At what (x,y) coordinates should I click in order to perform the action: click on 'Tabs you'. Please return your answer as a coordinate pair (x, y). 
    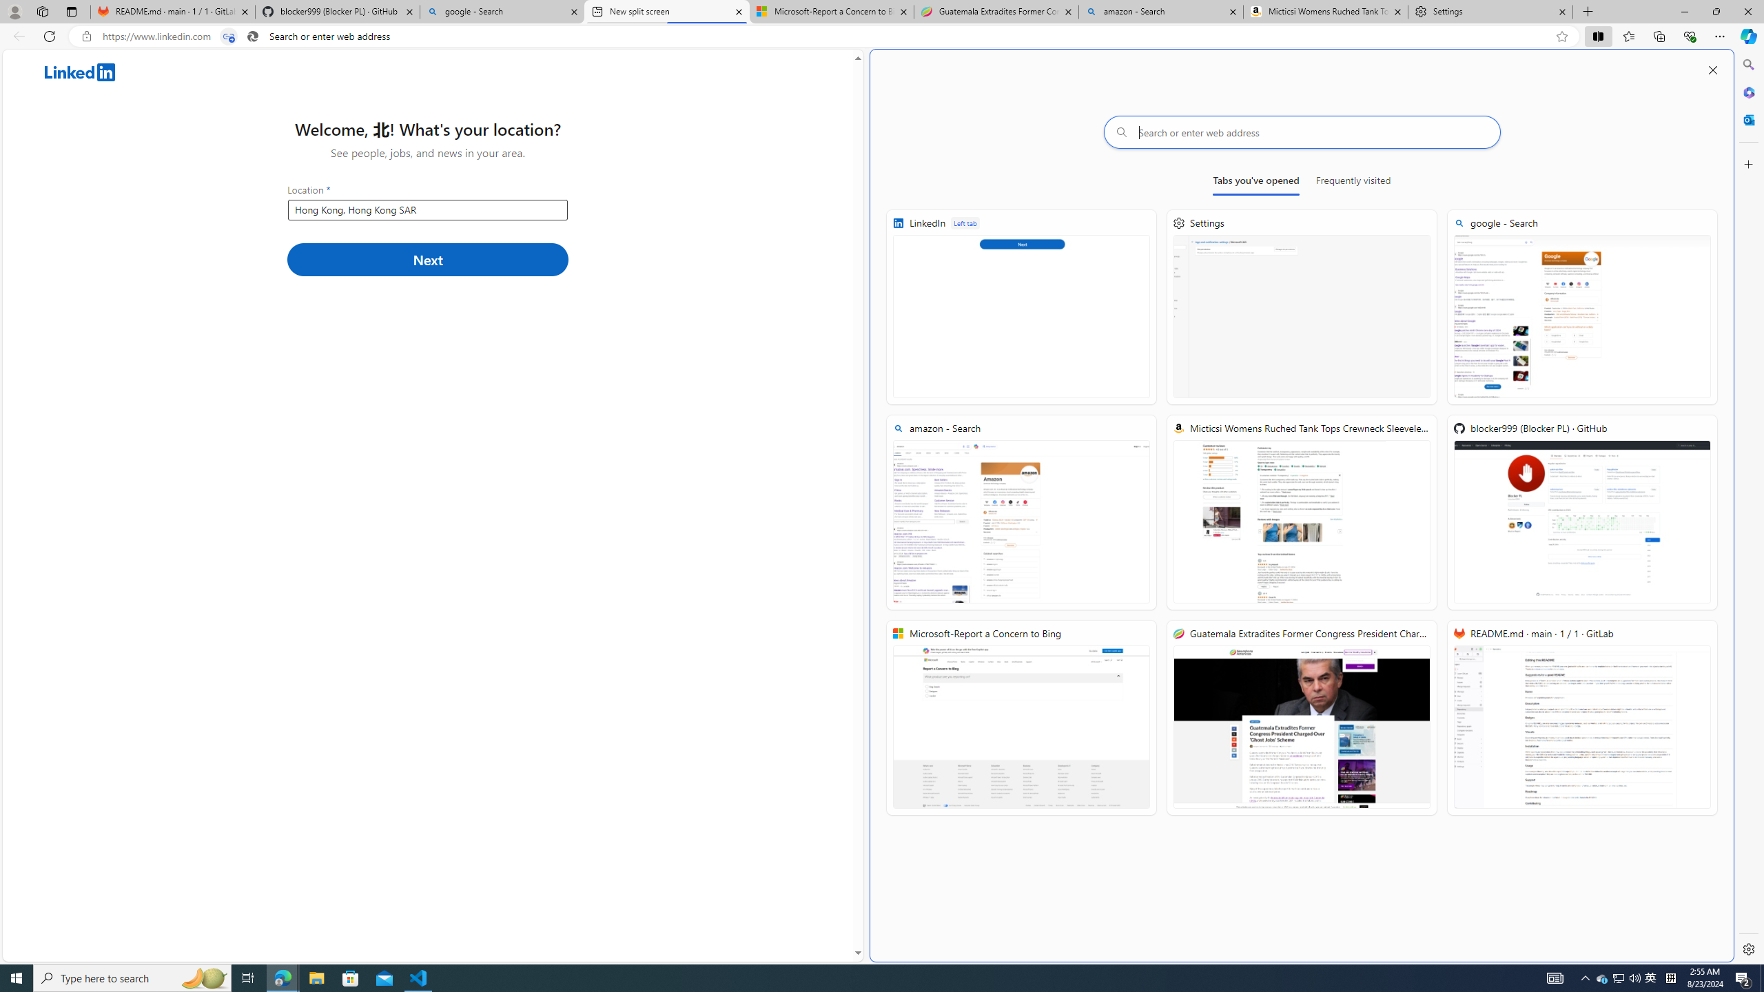
    Looking at the image, I should click on (1256, 183).